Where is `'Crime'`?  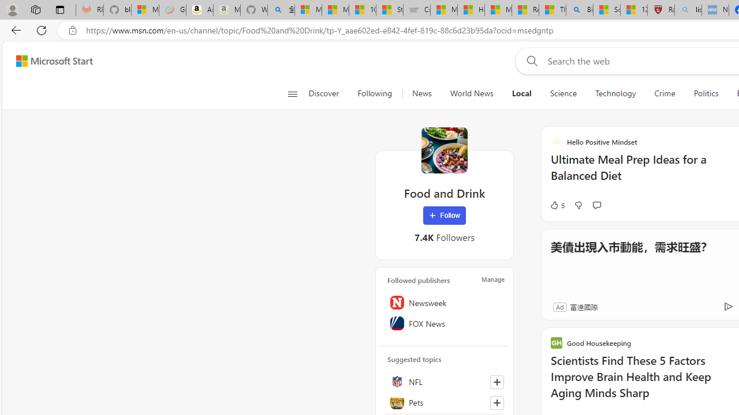 'Crime' is located at coordinates (665, 93).